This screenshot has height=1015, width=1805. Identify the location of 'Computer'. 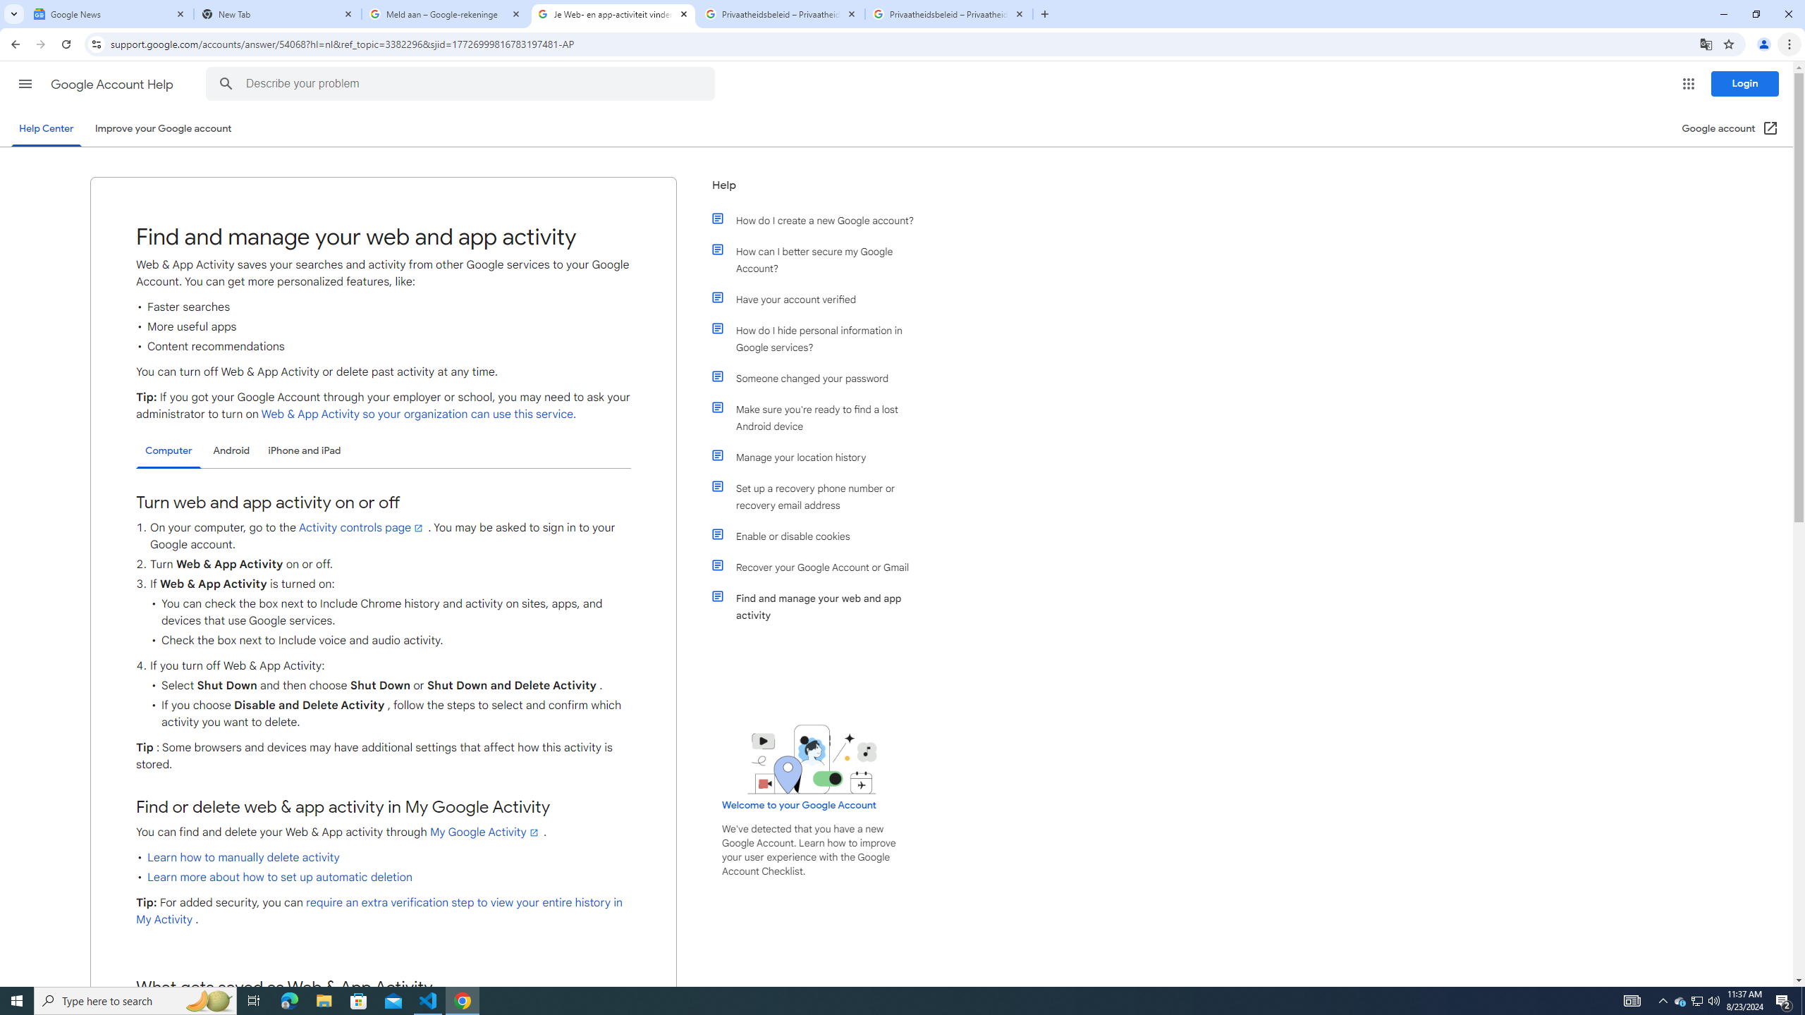
(169, 450).